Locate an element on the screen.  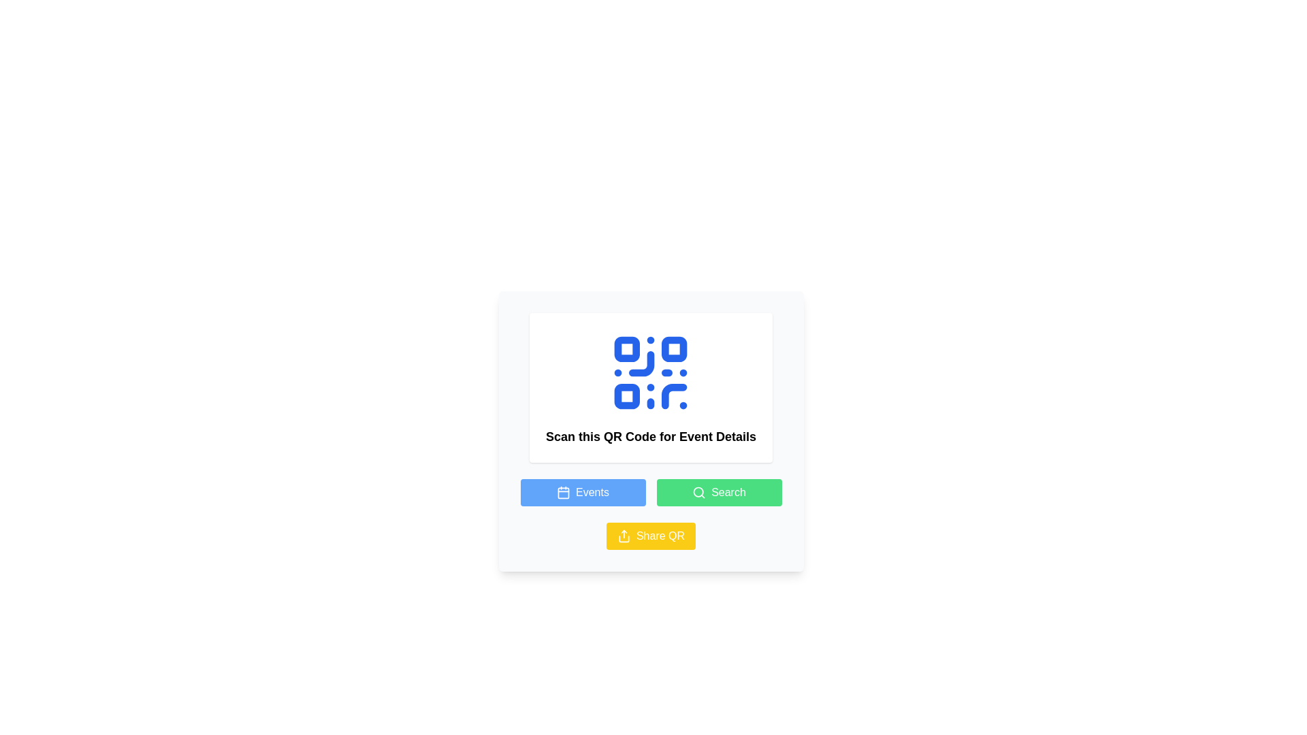
informational label that instructs users to scan the QR code for further details about the event, which is located below the QR code icon and above the buttons labeled 'Events,' 'Search,' and 'Share QR.' is located at coordinates (650, 436).